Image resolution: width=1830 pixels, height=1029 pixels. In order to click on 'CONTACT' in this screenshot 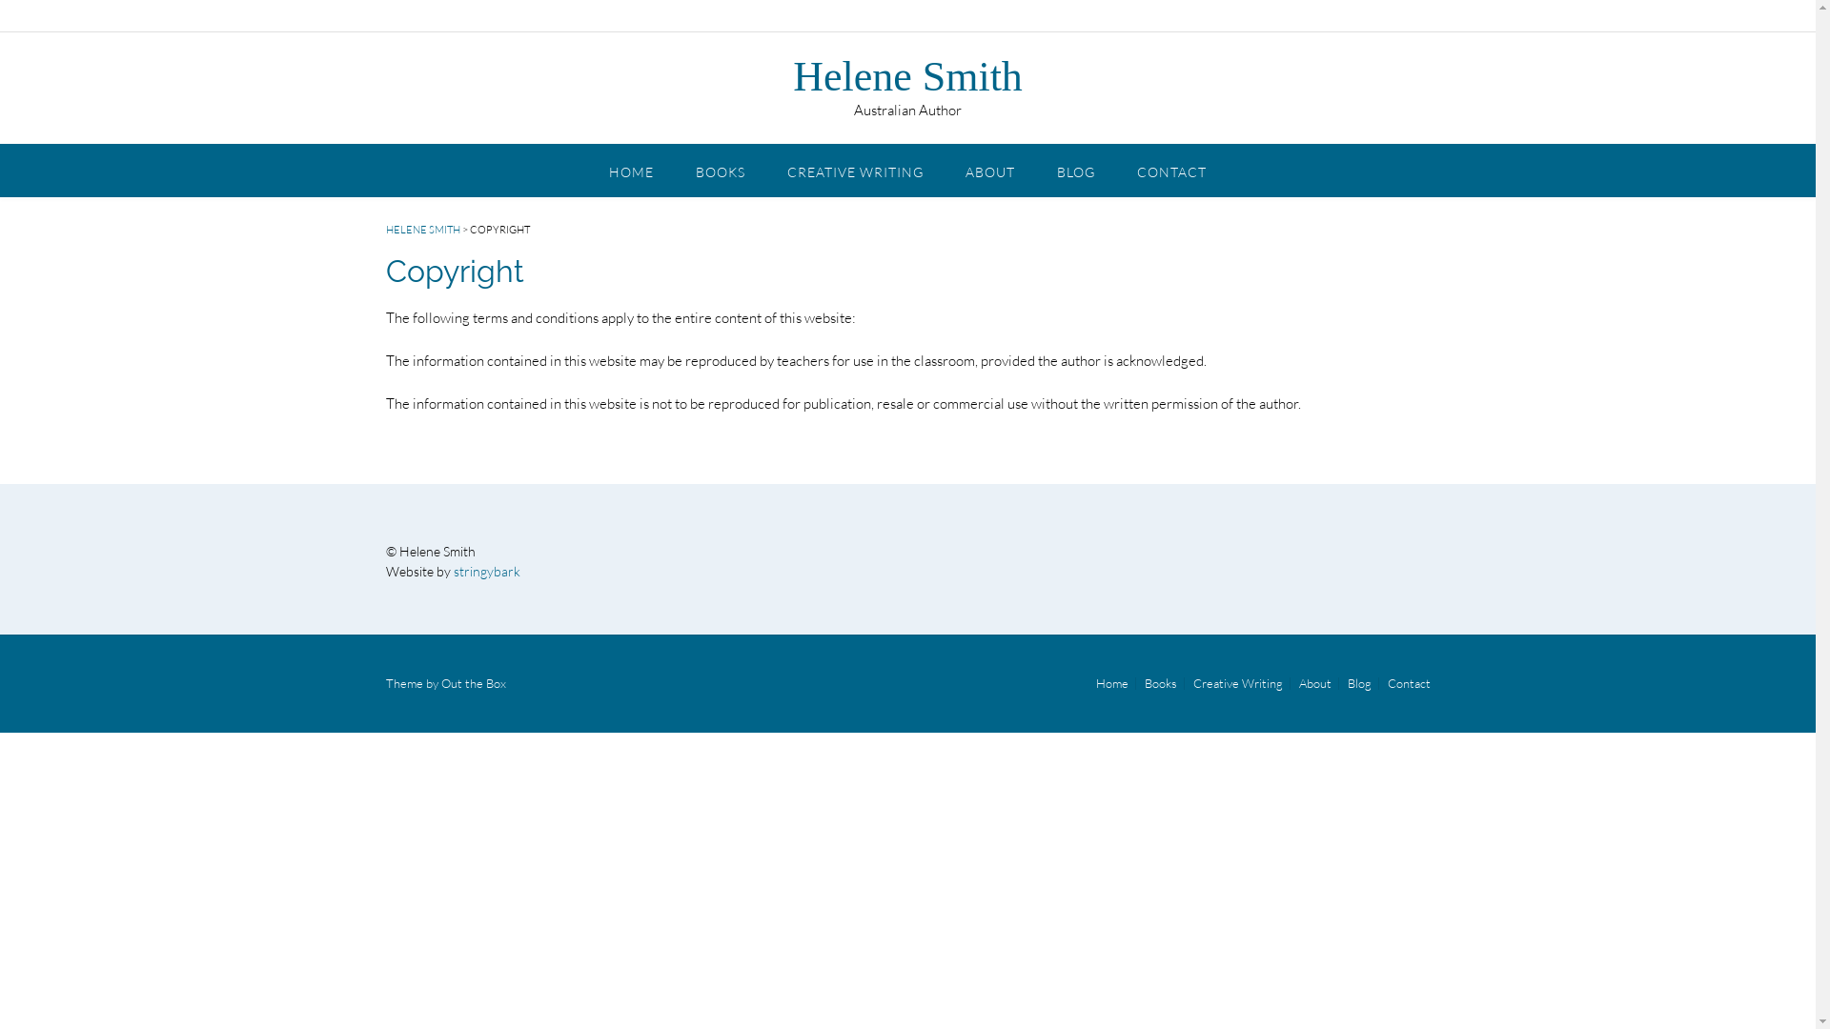, I will do `click(1170, 168)`.